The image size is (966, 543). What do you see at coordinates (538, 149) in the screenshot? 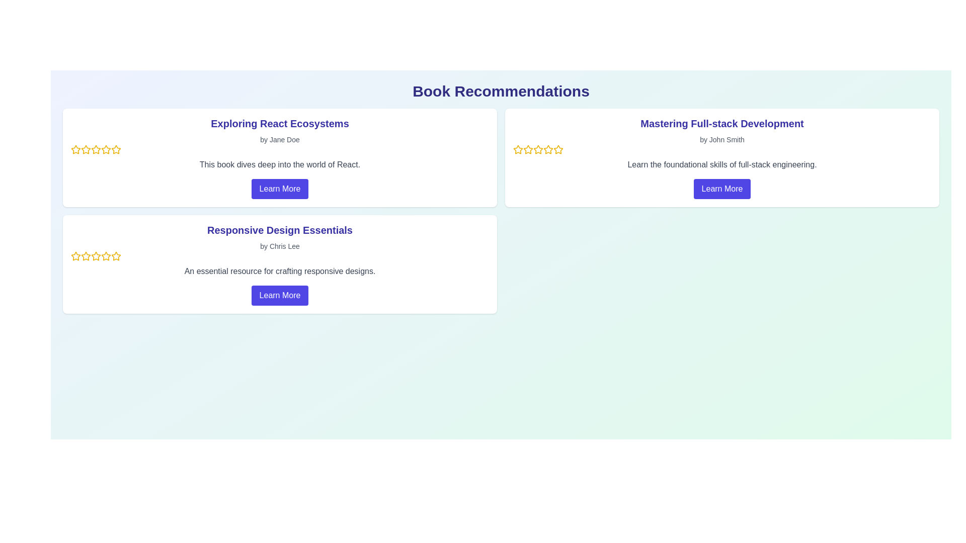
I see `the third star in the star rating component located in the top-right card titled 'Mastering Full-stack Development'` at bounding box center [538, 149].